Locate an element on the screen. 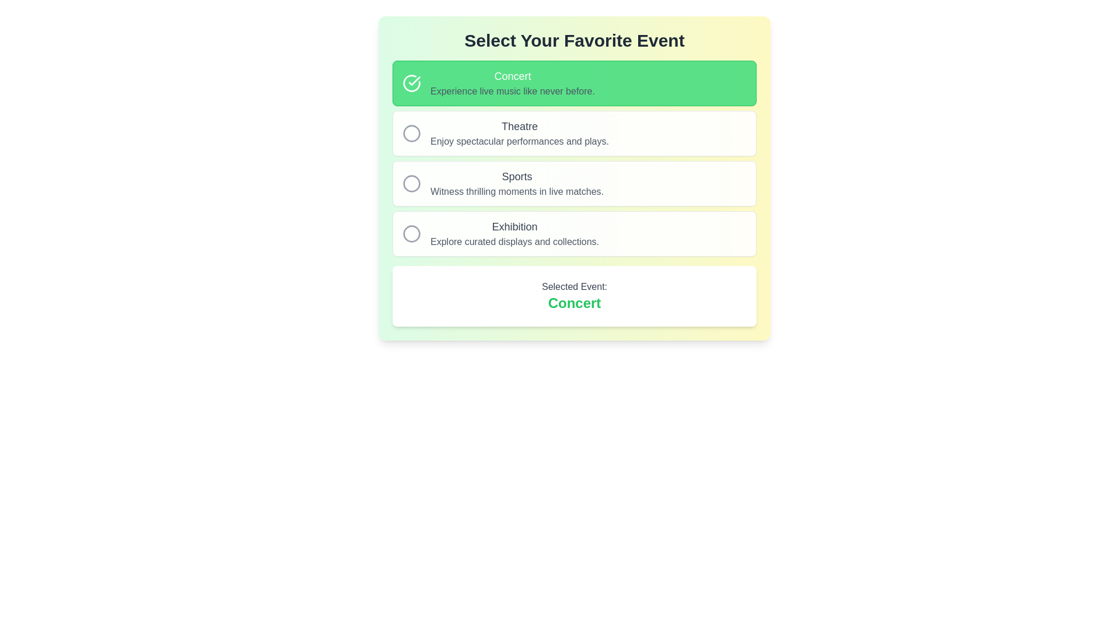 This screenshot has height=630, width=1120. the selectable list item representing 'Theatre', which is the second option in the list, located below 'Concert' and above 'Sports' is located at coordinates (519, 132).